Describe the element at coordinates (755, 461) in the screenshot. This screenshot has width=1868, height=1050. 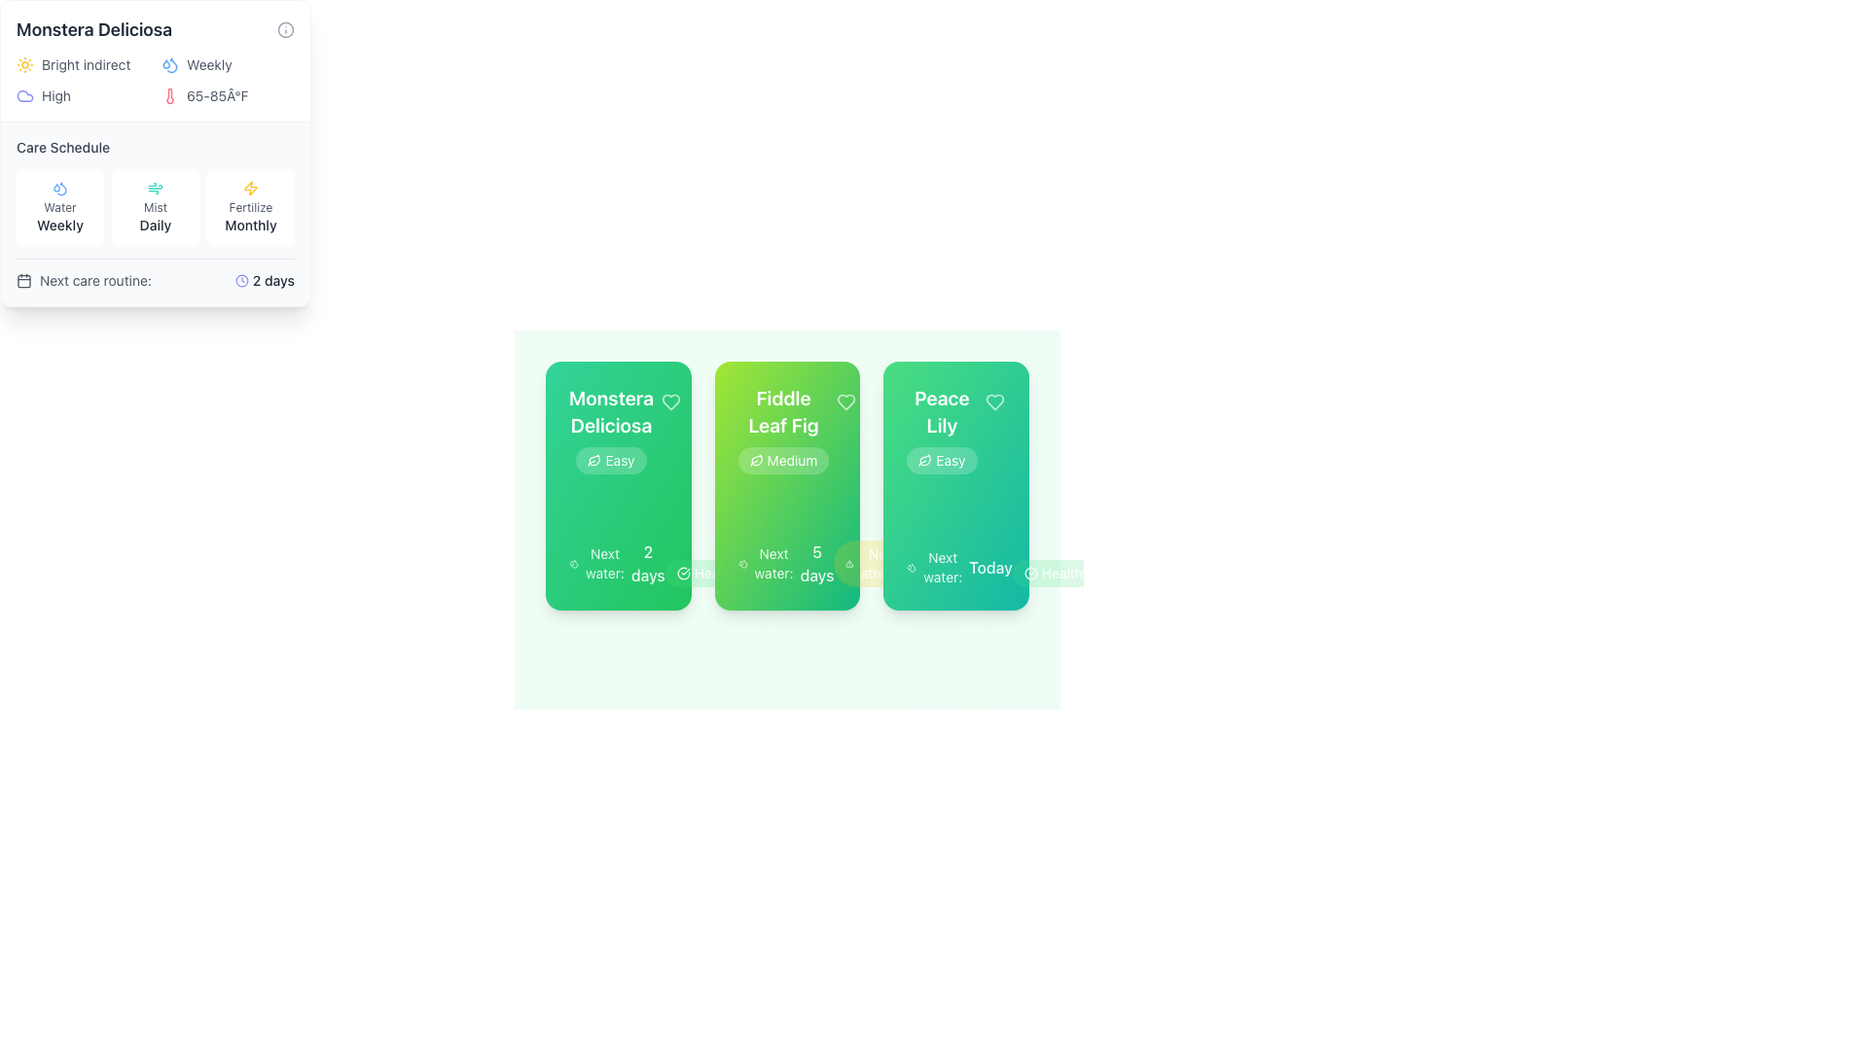
I see `the minimalist leaf icon located to the left of the text 'Medium' within the badge in the second card from the left` at that location.